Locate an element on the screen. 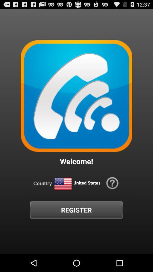  icon to the left of united states is located at coordinates (63, 184).